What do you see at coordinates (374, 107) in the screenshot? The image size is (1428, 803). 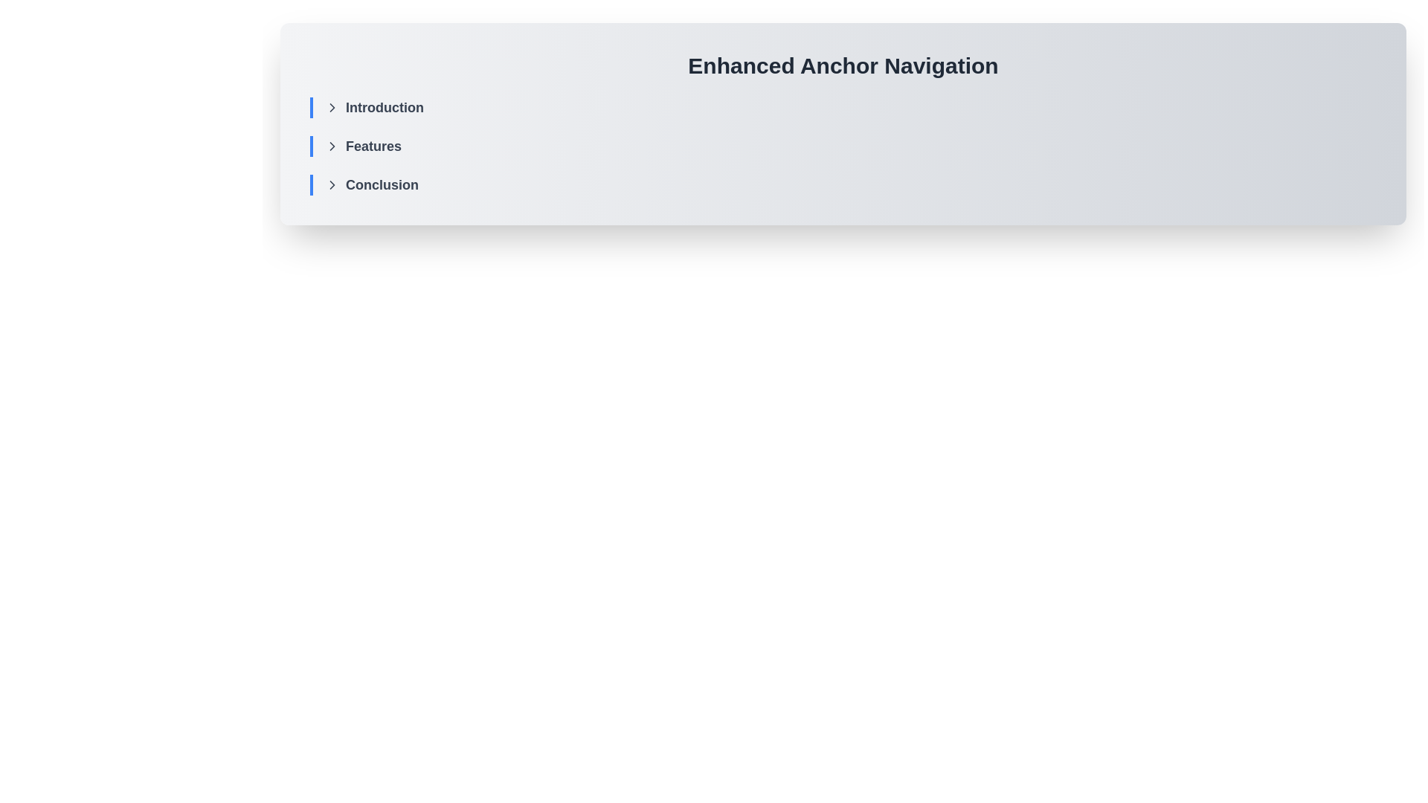 I see `the navigation link titled 'Introduction' to highlight it` at bounding box center [374, 107].